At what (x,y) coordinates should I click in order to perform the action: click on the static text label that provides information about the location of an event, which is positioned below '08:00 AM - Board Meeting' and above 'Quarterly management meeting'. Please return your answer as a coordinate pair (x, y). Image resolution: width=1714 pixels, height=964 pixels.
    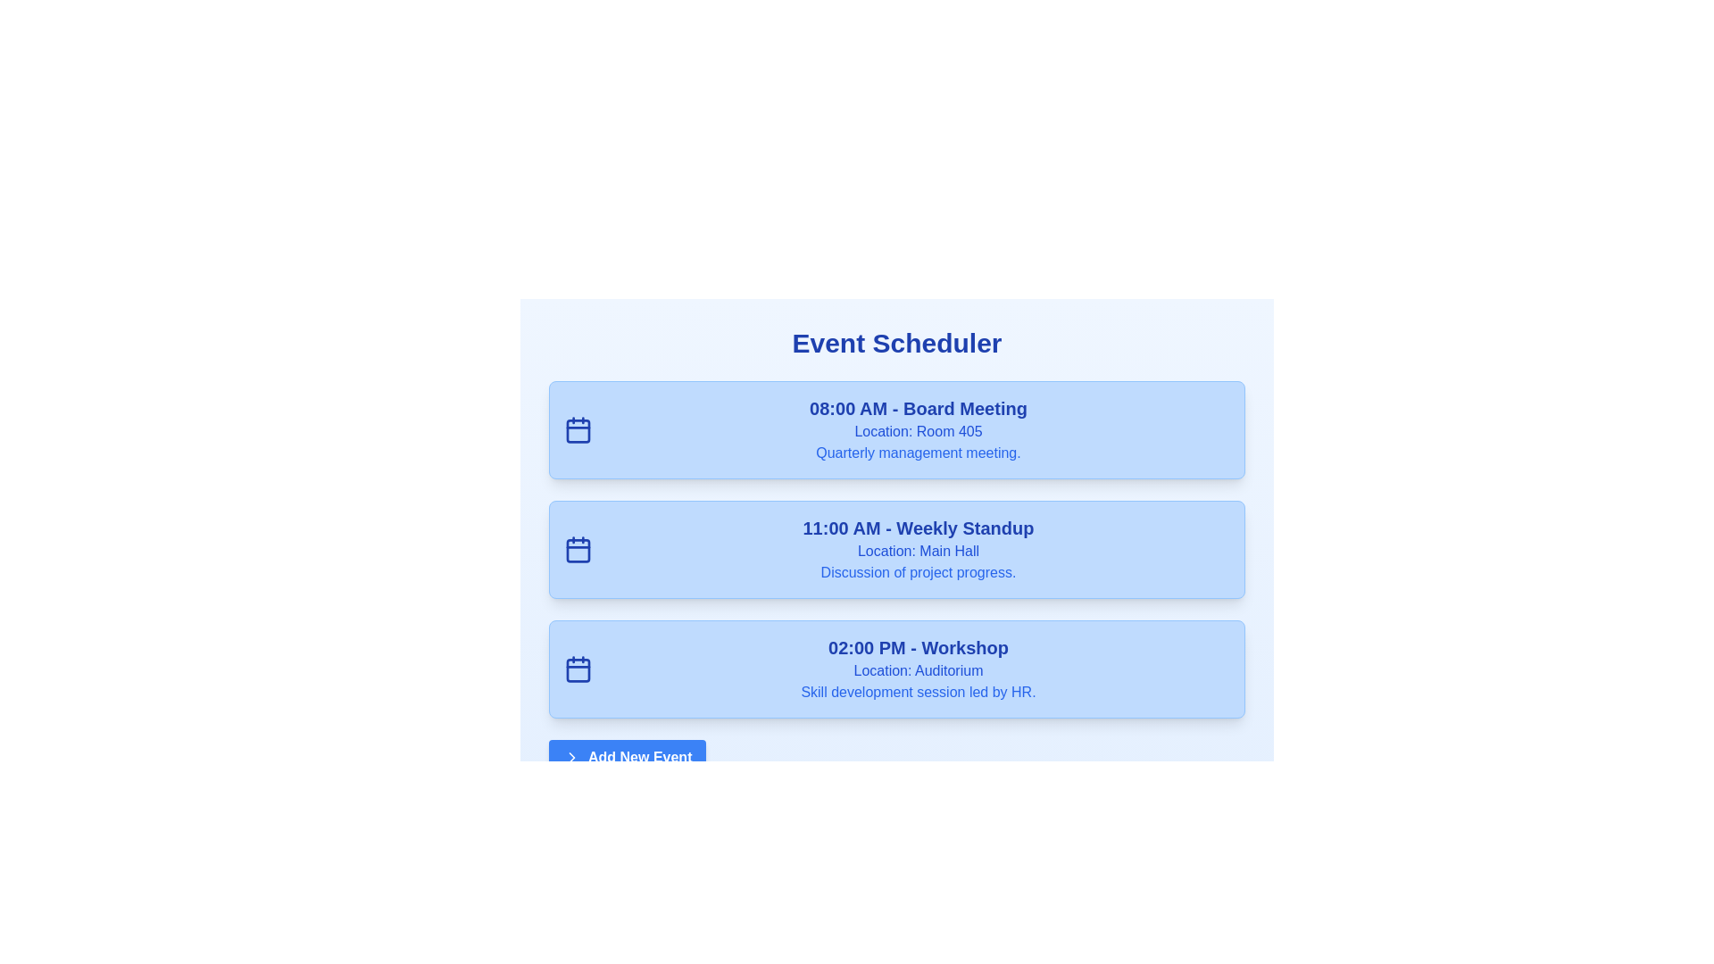
    Looking at the image, I should click on (918, 431).